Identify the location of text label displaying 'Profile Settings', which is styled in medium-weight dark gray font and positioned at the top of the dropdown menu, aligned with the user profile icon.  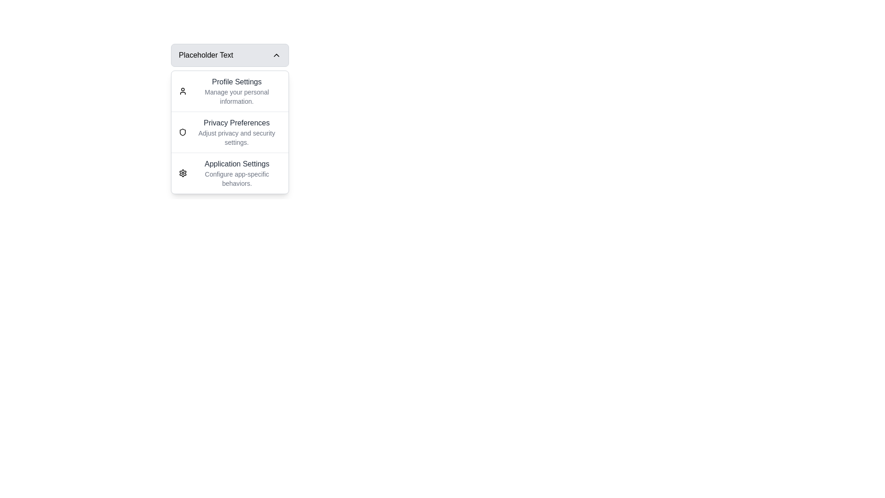
(236, 81).